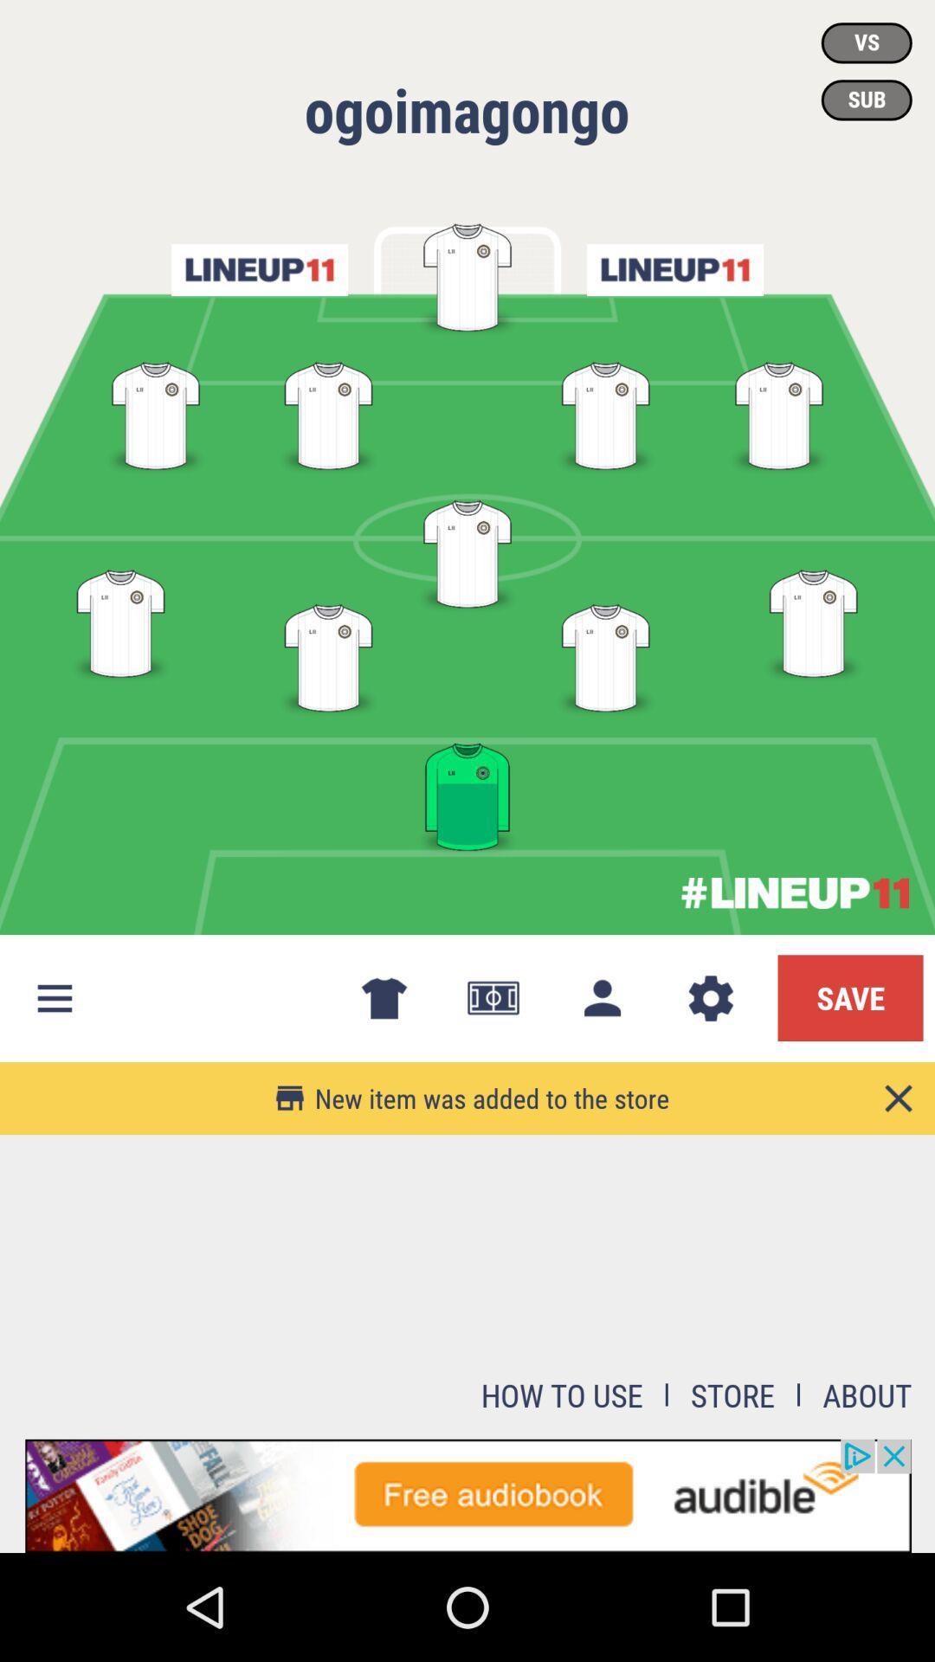  Describe the element at coordinates (777, 407) in the screenshot. I see `the fourth position in the second row from top` at that location.